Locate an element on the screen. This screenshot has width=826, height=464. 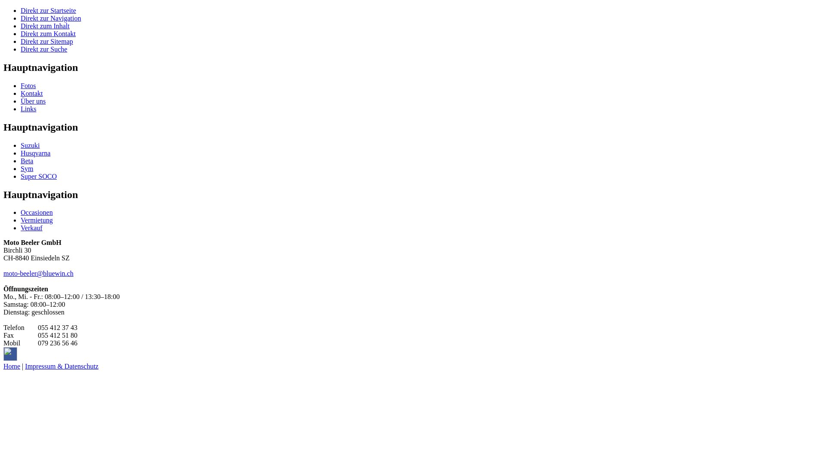
'Fotos' is located at coordinates (21, 85).